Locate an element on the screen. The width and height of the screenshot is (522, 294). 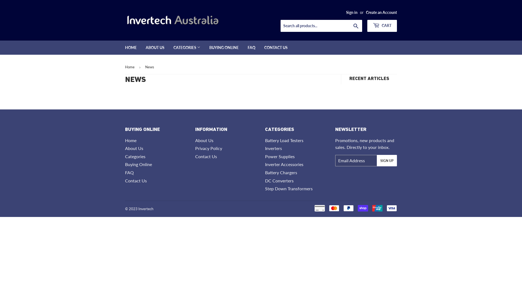
'Privacy Policy' is located at coordinates (208, 148).